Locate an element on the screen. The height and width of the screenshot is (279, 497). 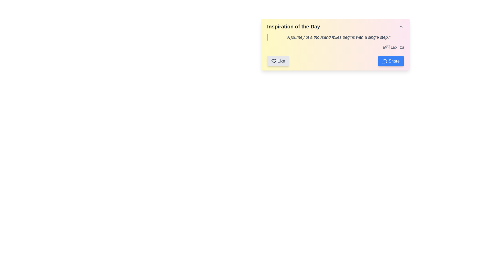
the 'Like' button located below the quote box, which is the first interactive element on the left of the 'Share' button is located at coordinates (278, 61).